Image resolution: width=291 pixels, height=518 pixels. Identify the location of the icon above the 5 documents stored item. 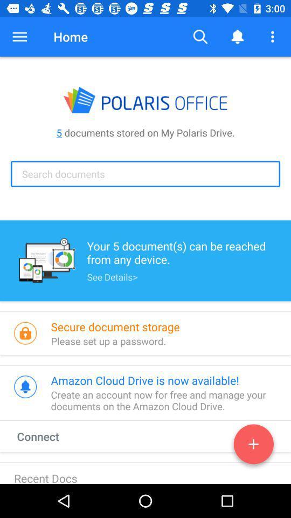
(19, 37).